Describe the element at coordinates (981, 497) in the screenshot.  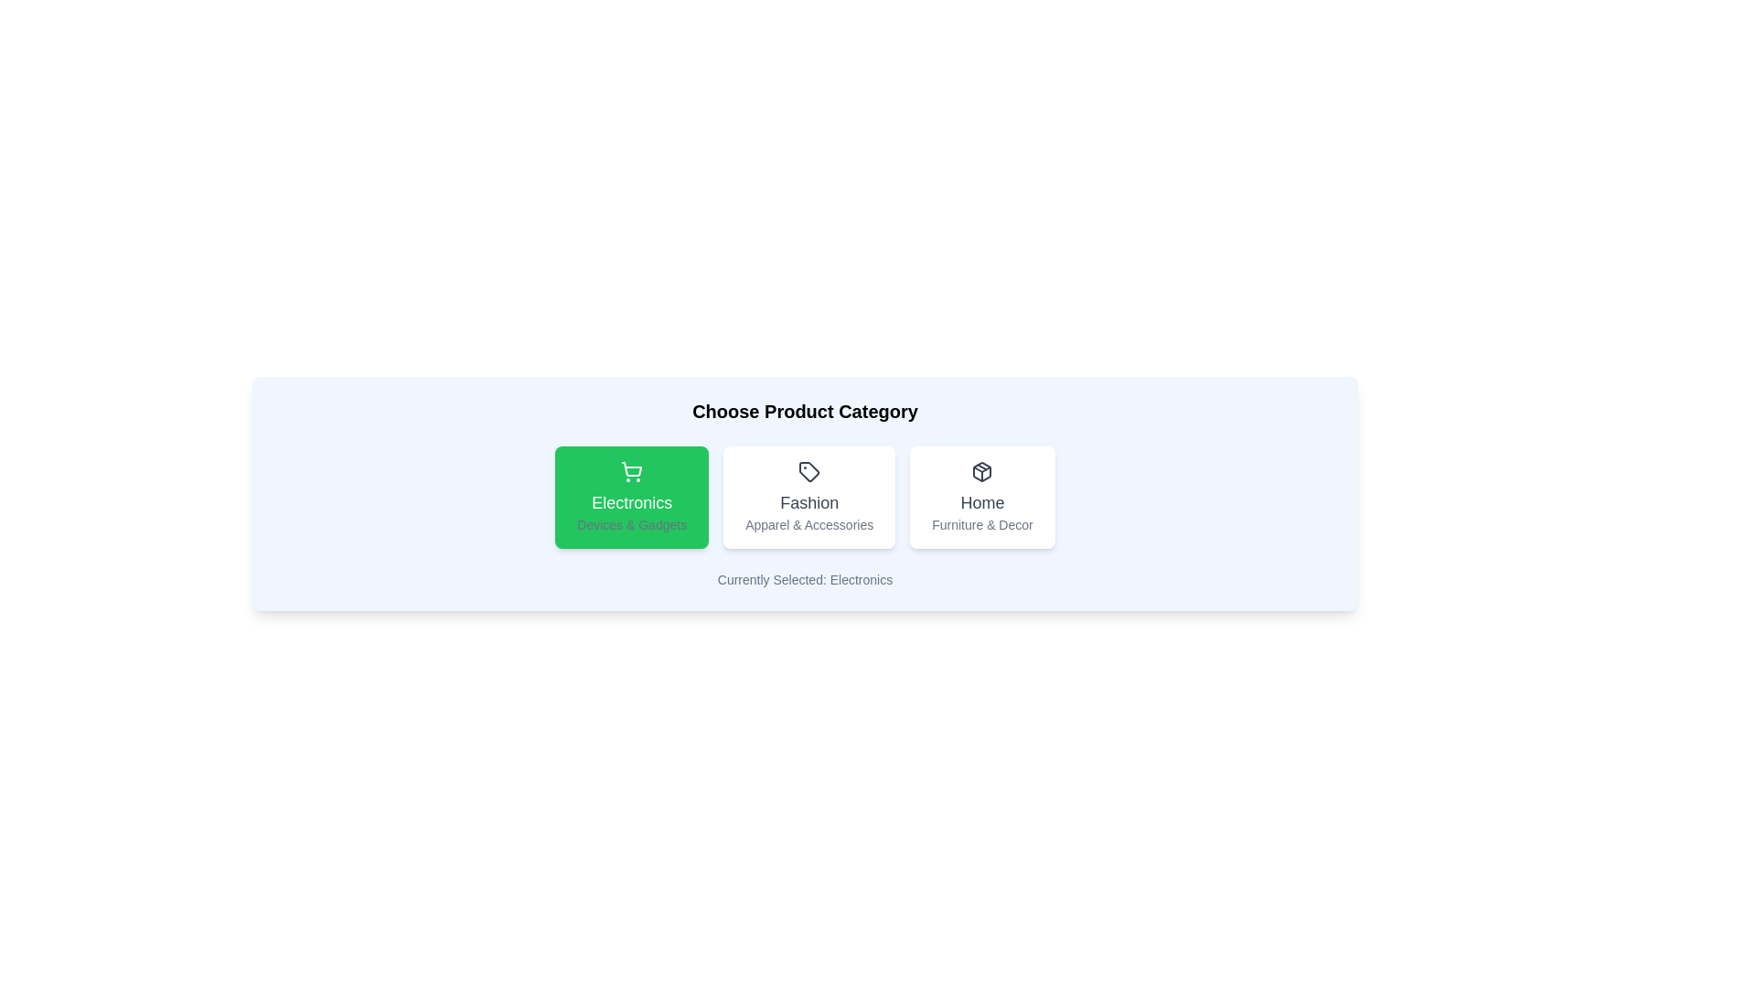
I see `the category chip labeled Home` at that location.